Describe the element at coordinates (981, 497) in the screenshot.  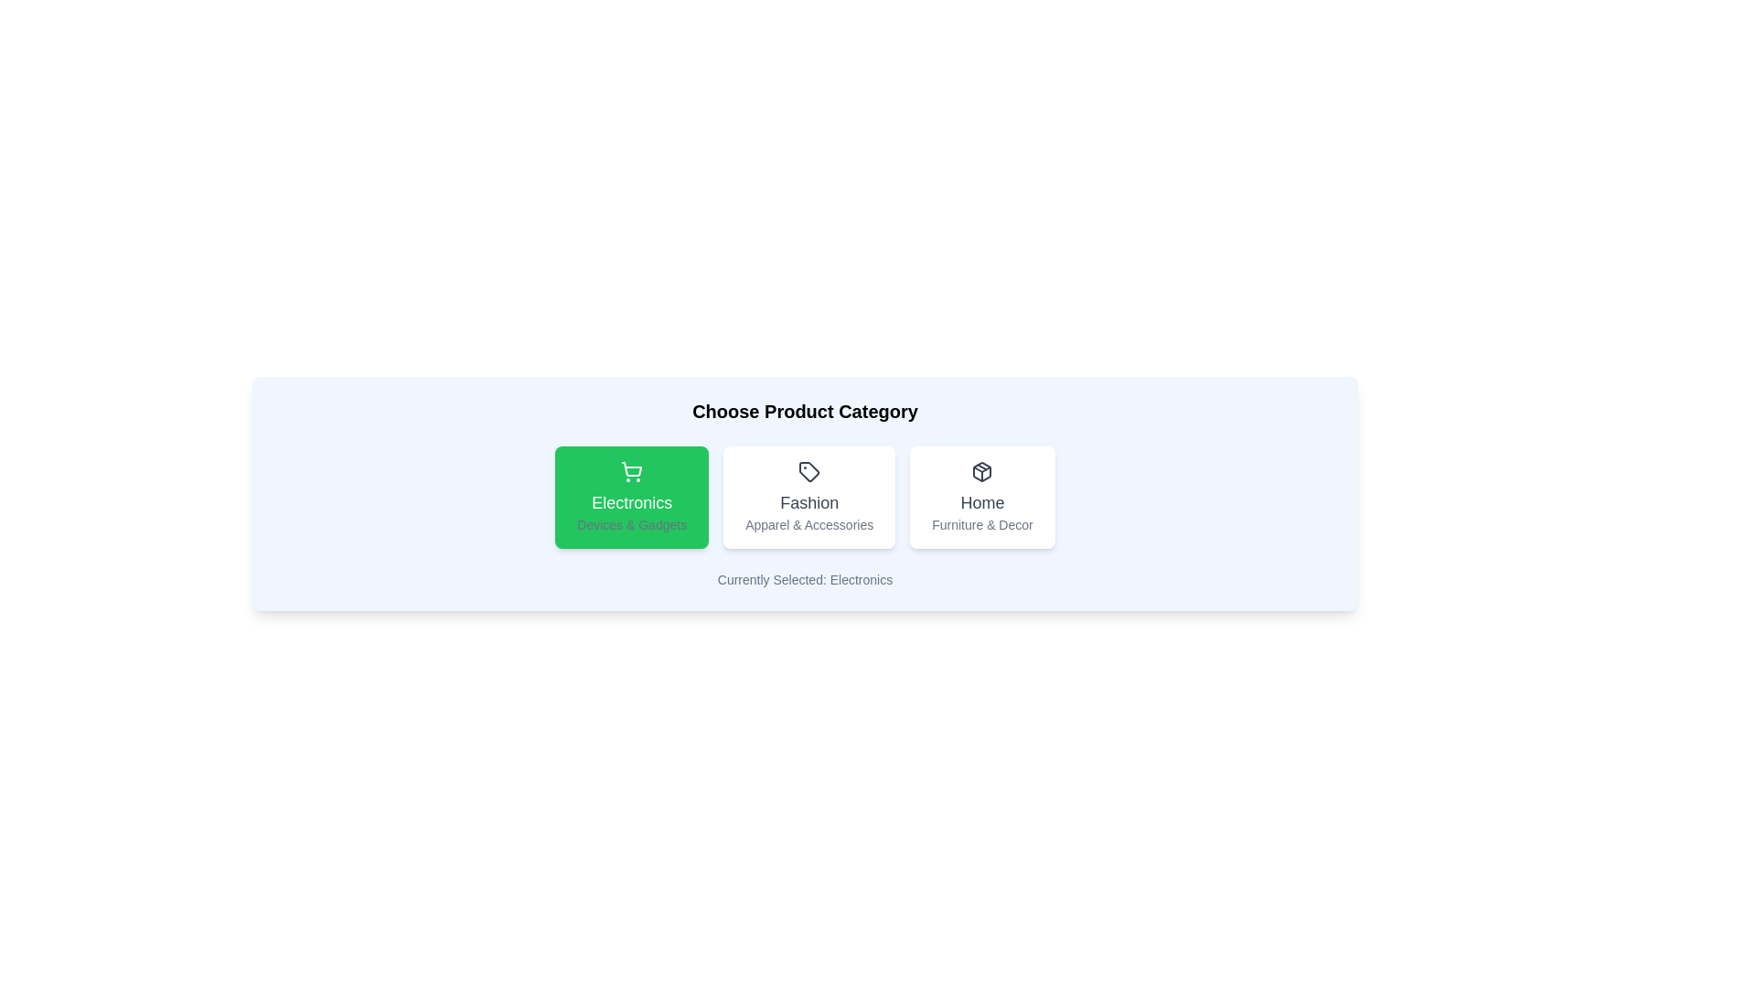
I see `the category chip labeled Home` at that location.